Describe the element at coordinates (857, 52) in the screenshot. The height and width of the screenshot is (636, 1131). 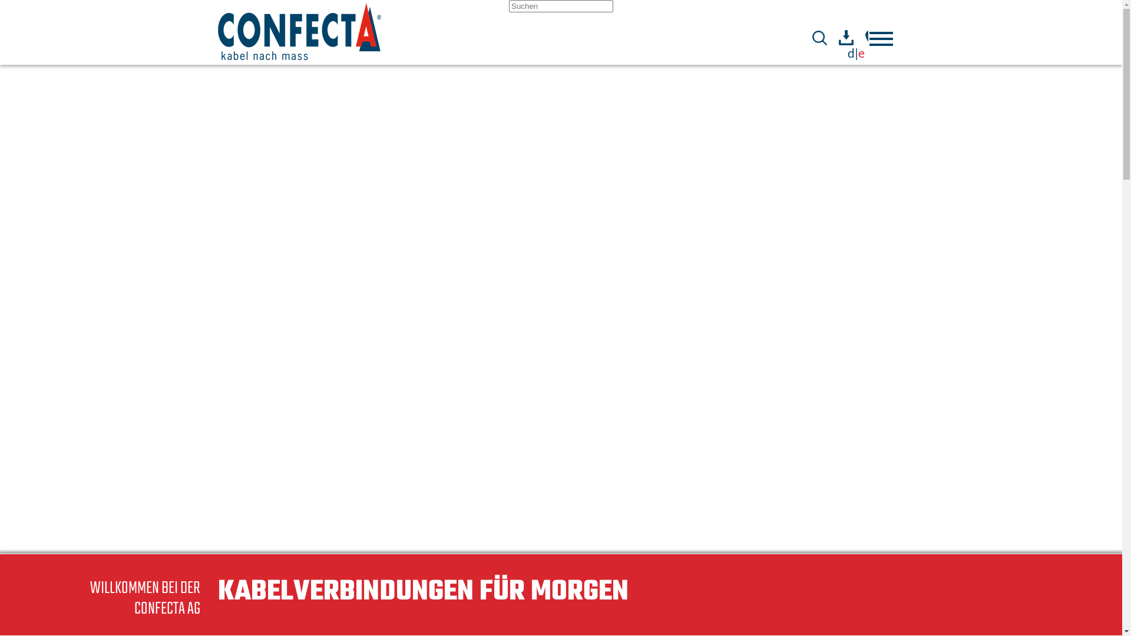
I see `'e'` at that location.